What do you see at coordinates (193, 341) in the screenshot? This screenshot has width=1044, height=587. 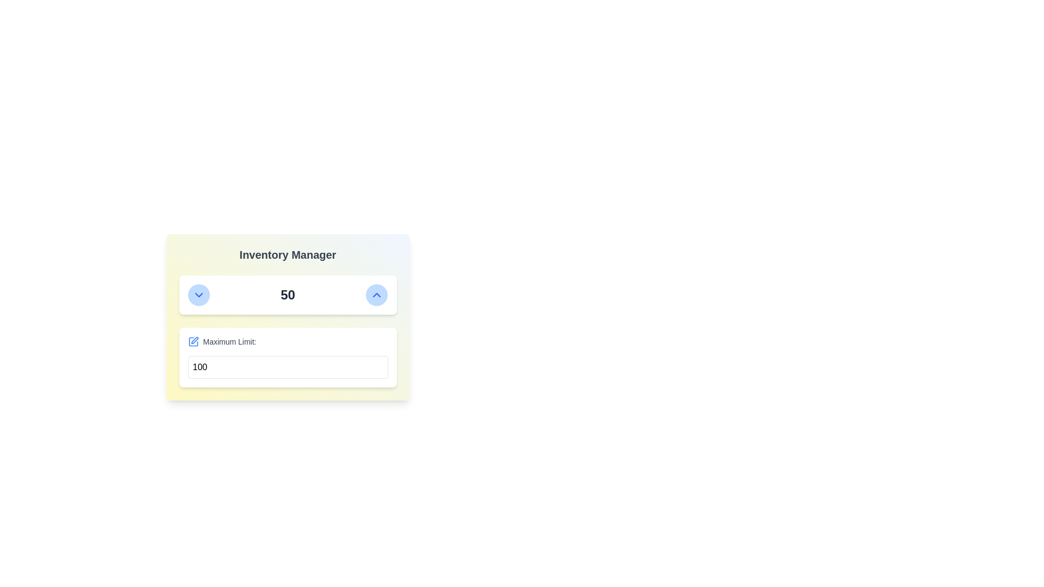 I see `the blue outlined square icon with a pencil inside, indicating edit functionality, located to the left of the label 'Maximum Limit:'` at bounding box center [193, 341].